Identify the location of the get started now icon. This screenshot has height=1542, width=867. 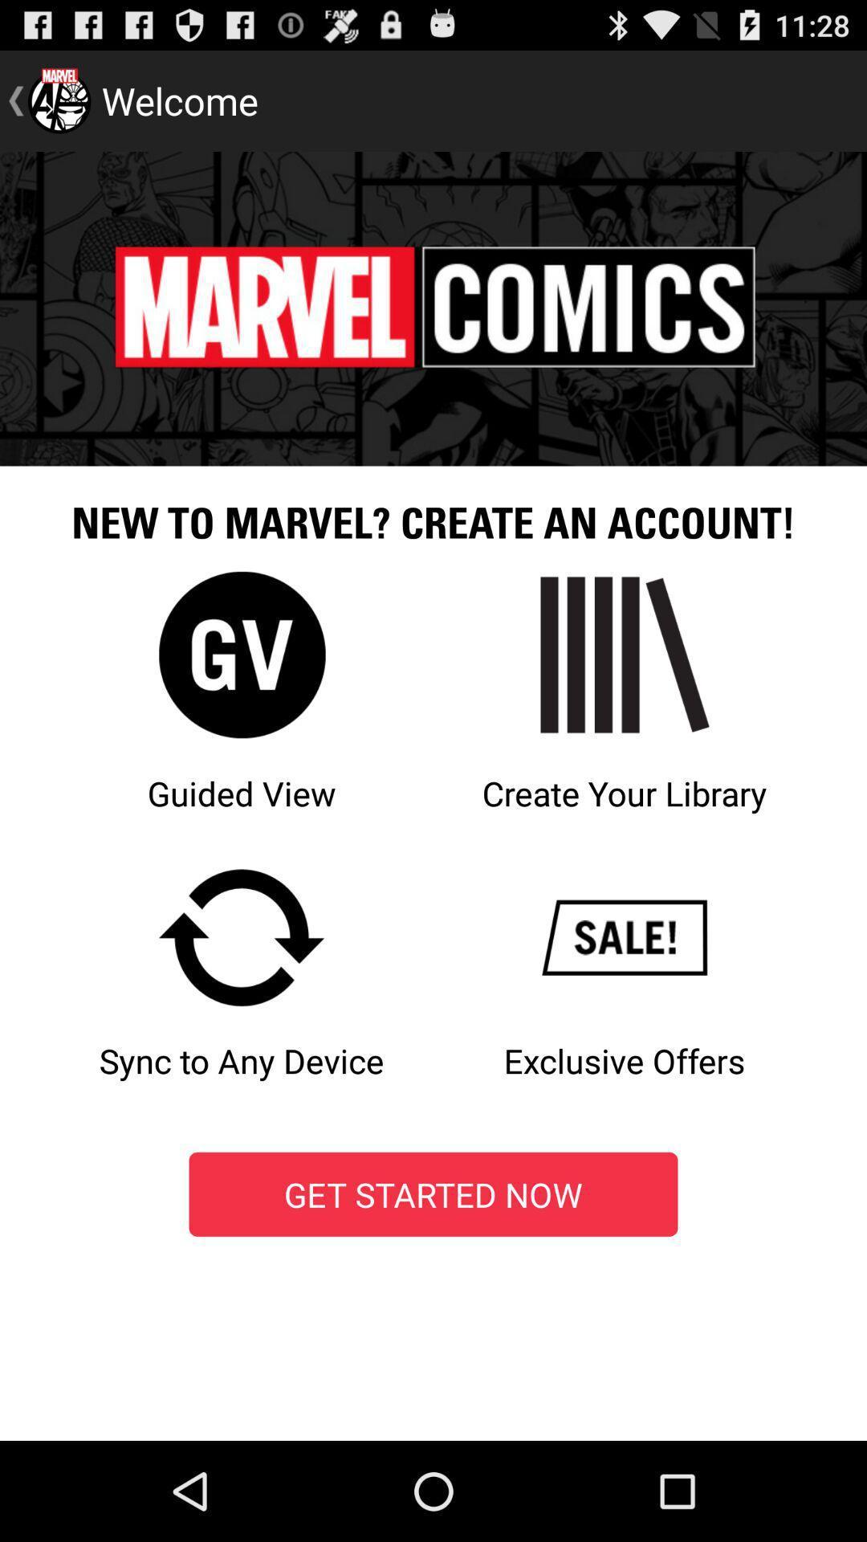
(433, 1194).